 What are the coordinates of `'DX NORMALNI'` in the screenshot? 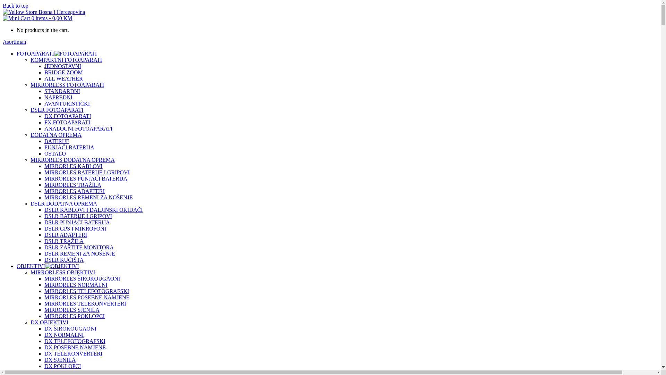 It's located at (64, 334).